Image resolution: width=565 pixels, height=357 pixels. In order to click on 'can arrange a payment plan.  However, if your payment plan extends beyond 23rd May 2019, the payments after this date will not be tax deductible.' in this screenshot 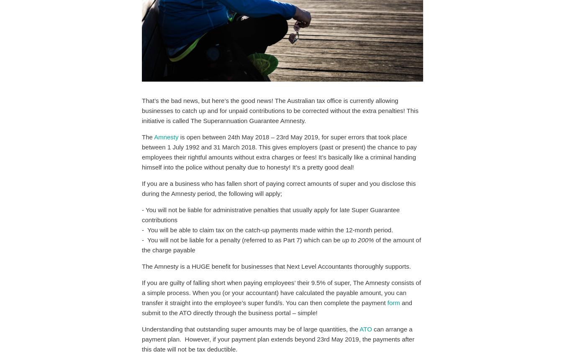, I will do `click(279, 339)`.